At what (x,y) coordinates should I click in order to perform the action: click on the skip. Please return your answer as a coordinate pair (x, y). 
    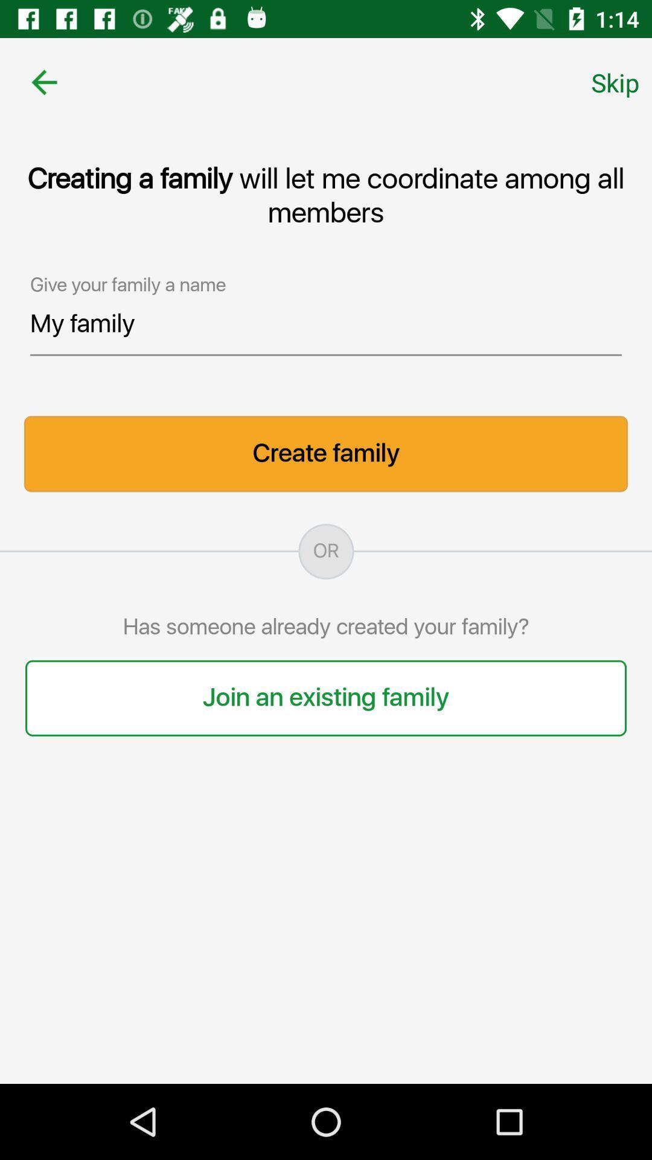
    Looking at the image, I should click on (615, 82).